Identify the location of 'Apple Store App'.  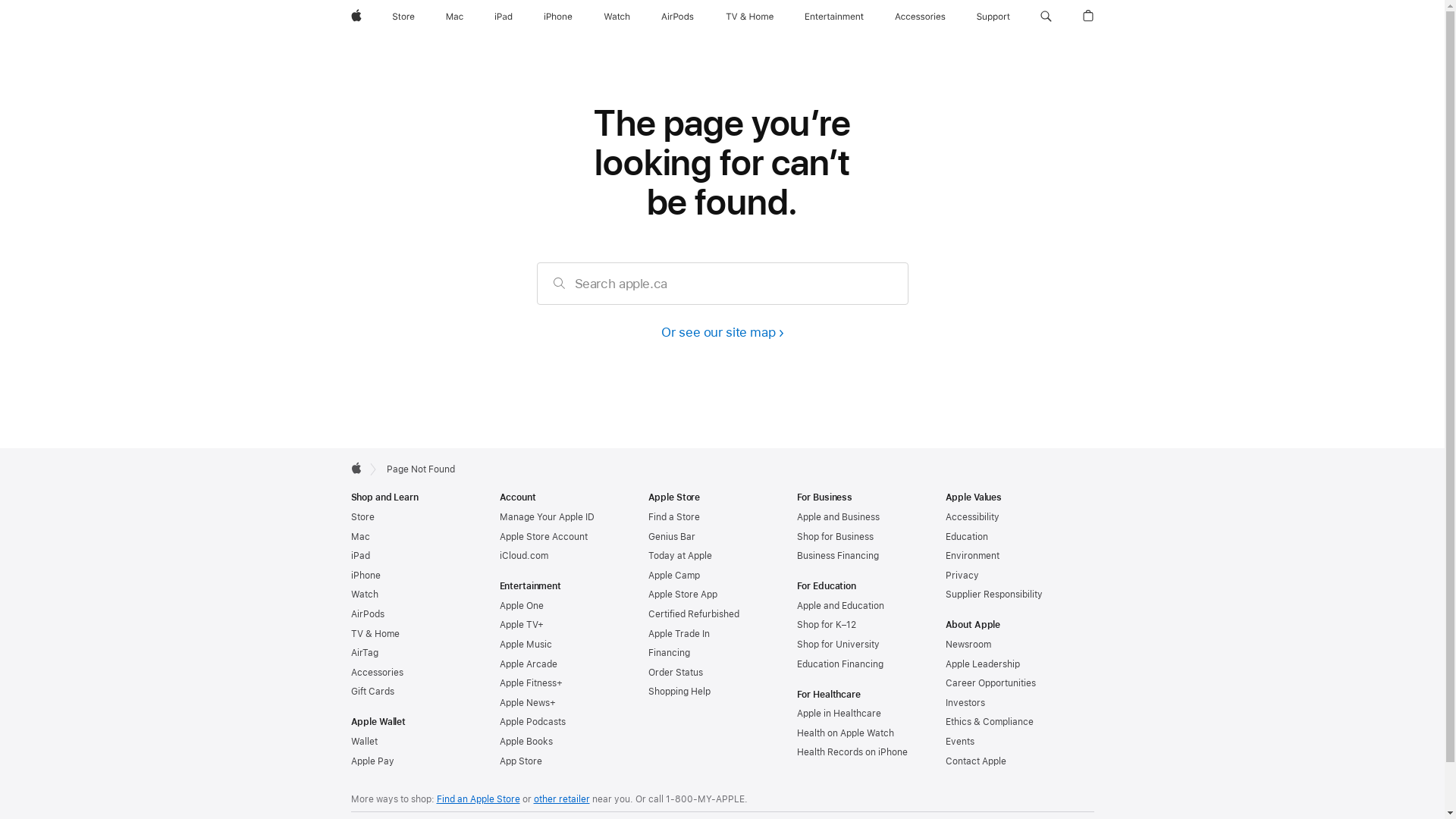
(648, 593).